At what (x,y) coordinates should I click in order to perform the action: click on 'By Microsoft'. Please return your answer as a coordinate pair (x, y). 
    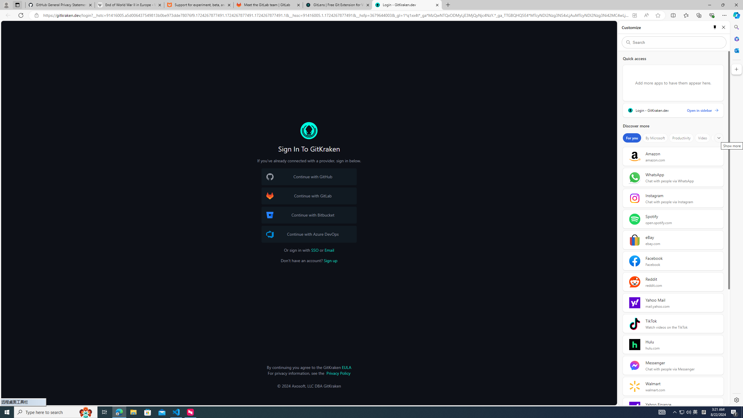
    Looking at the image, I should click on (654, 138).